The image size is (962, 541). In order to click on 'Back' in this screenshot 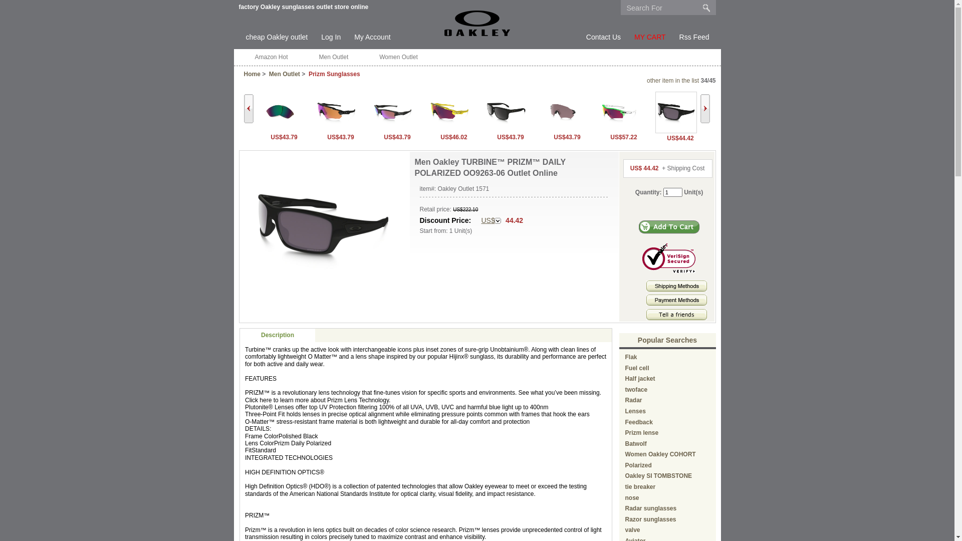, I will do `click(248, 108)`.